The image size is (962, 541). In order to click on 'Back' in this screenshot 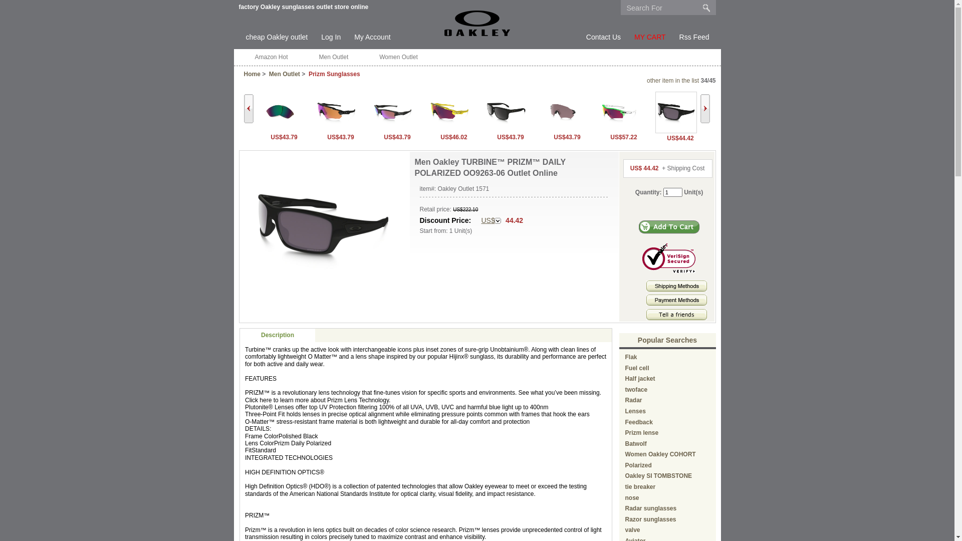, I will do `click(248, 108)`.